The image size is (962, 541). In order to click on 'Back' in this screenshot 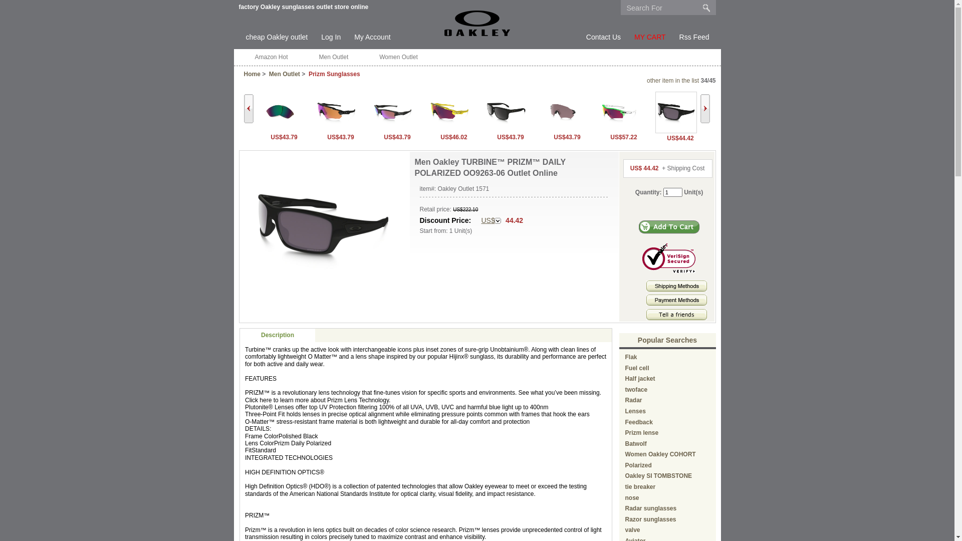, I will do `click(248, 108)`.